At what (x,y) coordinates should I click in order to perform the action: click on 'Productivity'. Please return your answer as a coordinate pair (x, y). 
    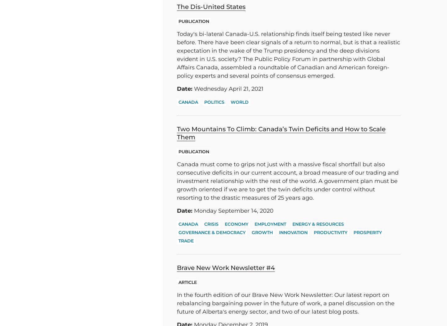
    Looking at the image, I should click on (331, 232).